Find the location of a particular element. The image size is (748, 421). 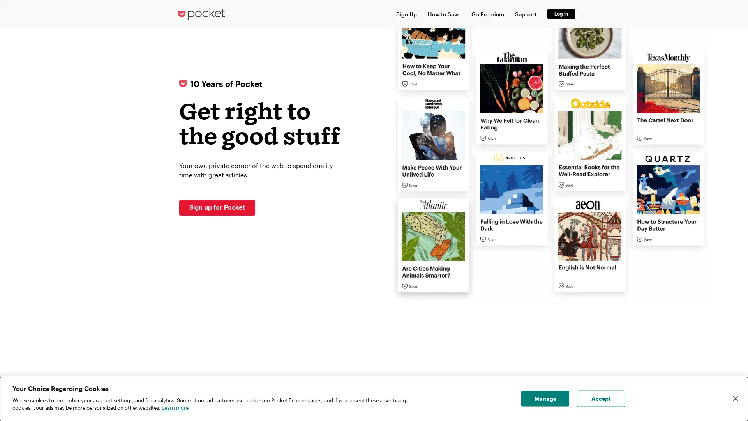

Close is located at coordinates (735, 398).